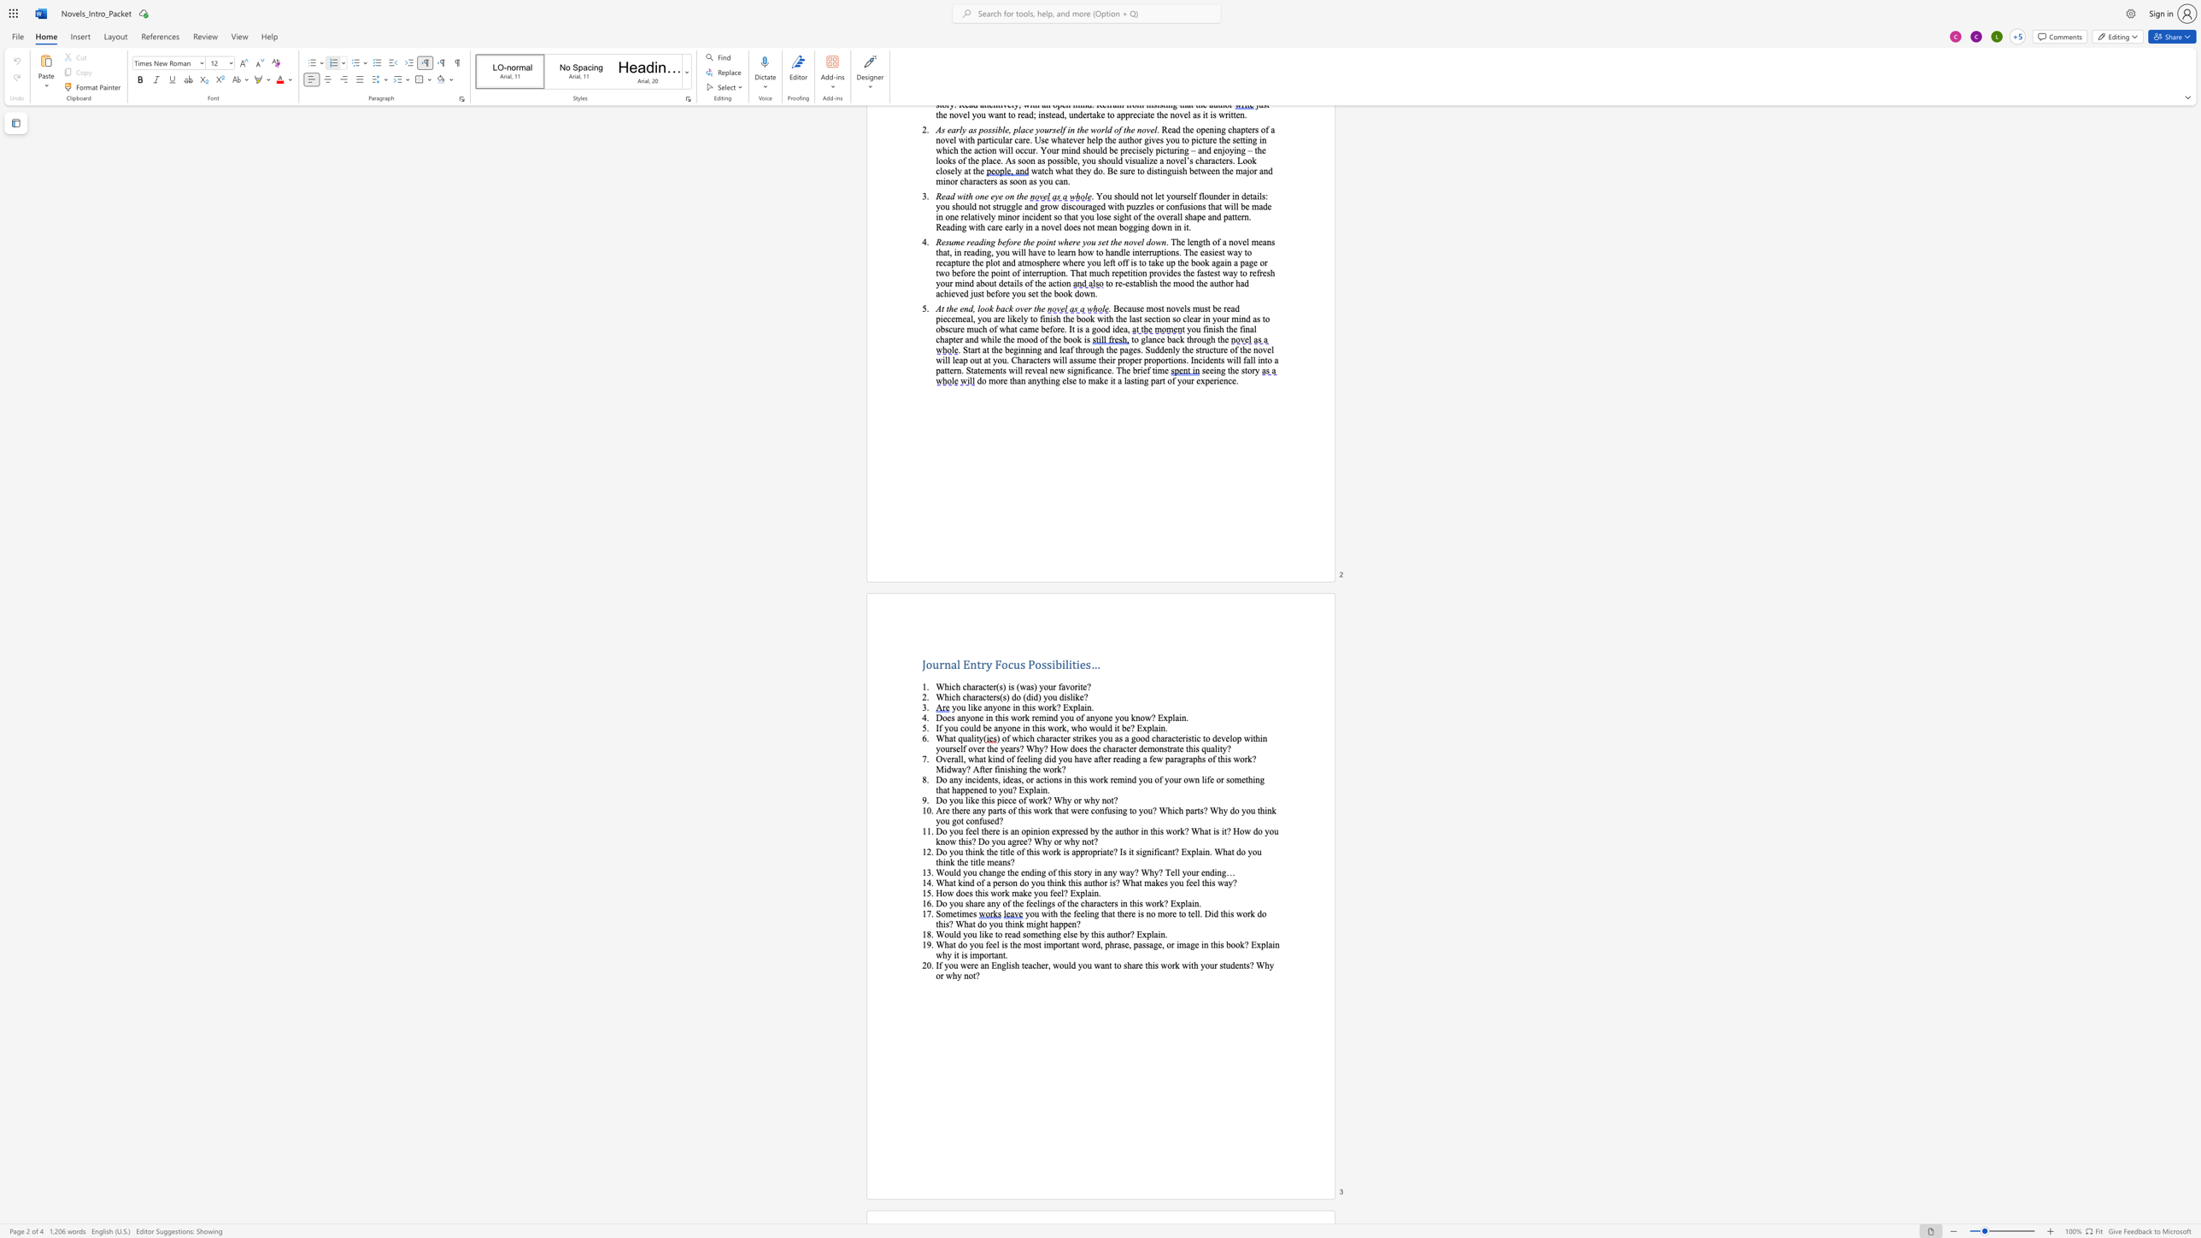 This screenshot has height=1238, width=2201. What do you see at coordinates (1159, 871) in the screenshot?
I see `the 2th character "?" in the text` at bounding box center [1159, 871].